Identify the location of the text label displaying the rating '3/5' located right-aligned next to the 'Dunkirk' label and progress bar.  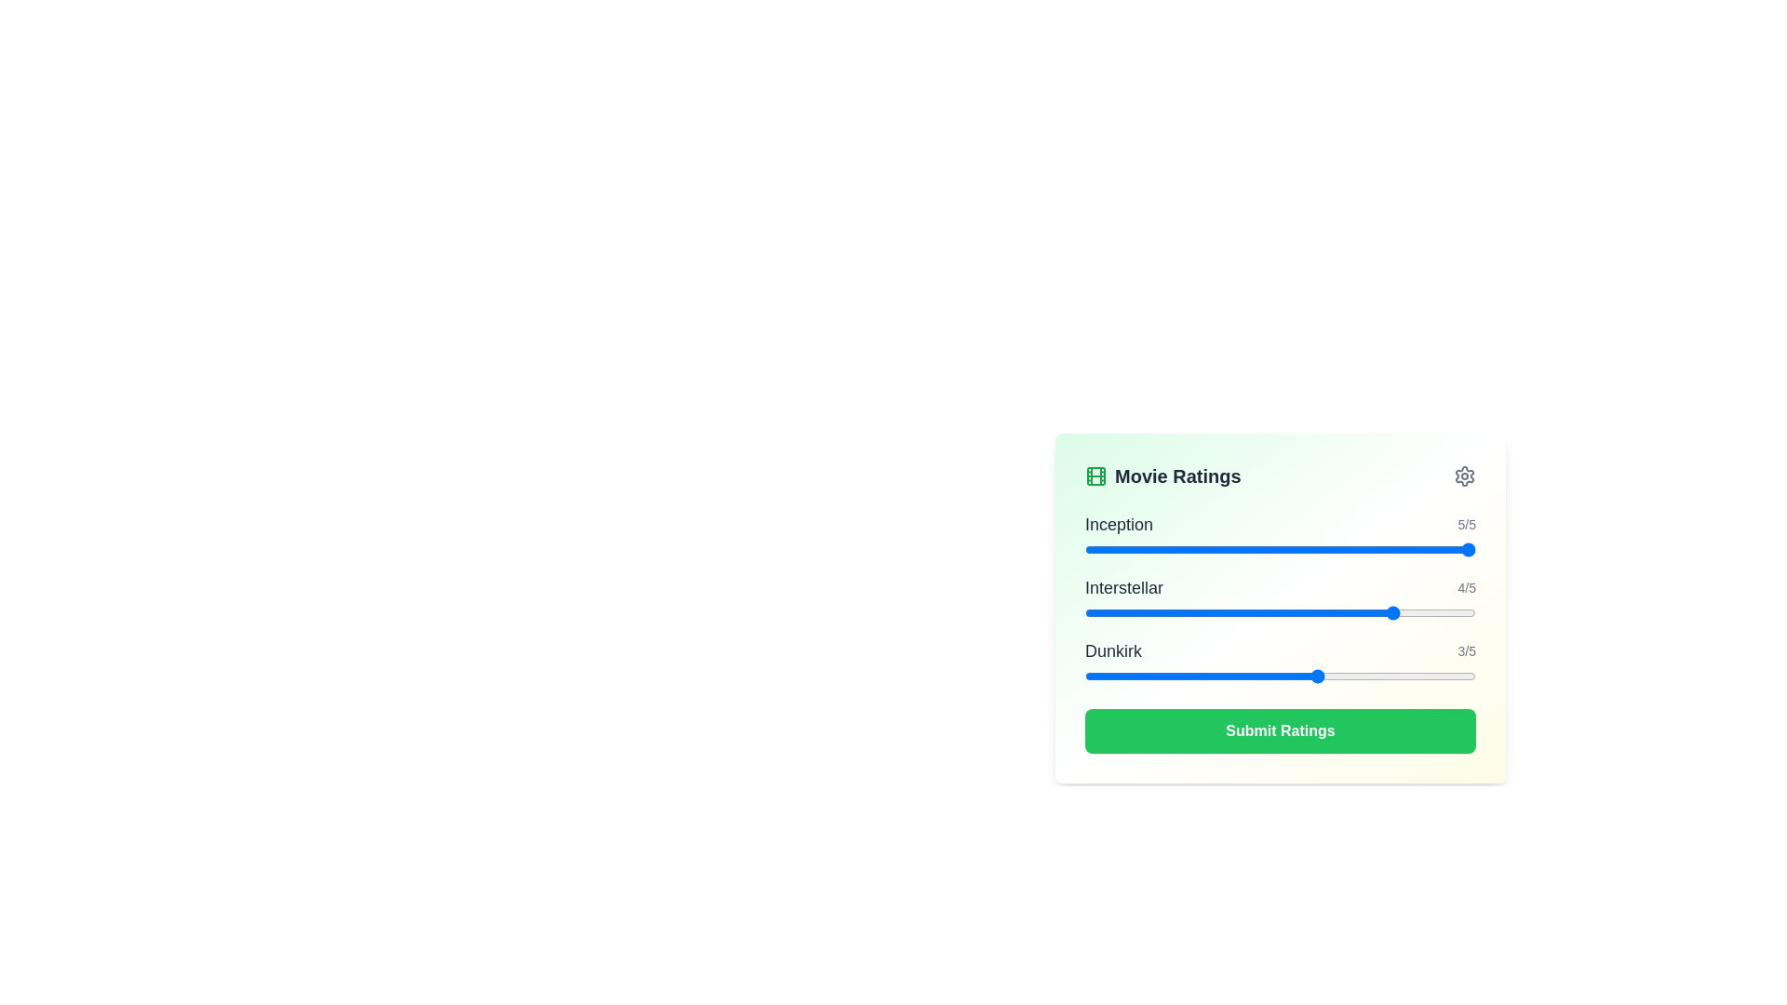
(1466, 650).